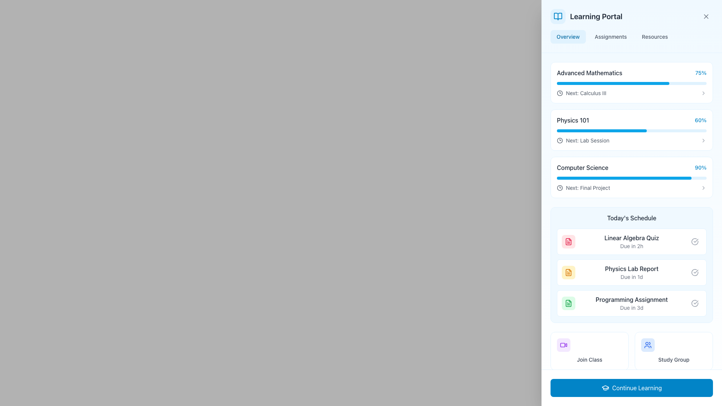 Image resolution: width=722 pixels, height=406 pixels. What do you see at coordinates (648, 389) in the screenshot?
I see `the central button located at the bottom of the Learning Portal panel` at bounding box center [648, 389].